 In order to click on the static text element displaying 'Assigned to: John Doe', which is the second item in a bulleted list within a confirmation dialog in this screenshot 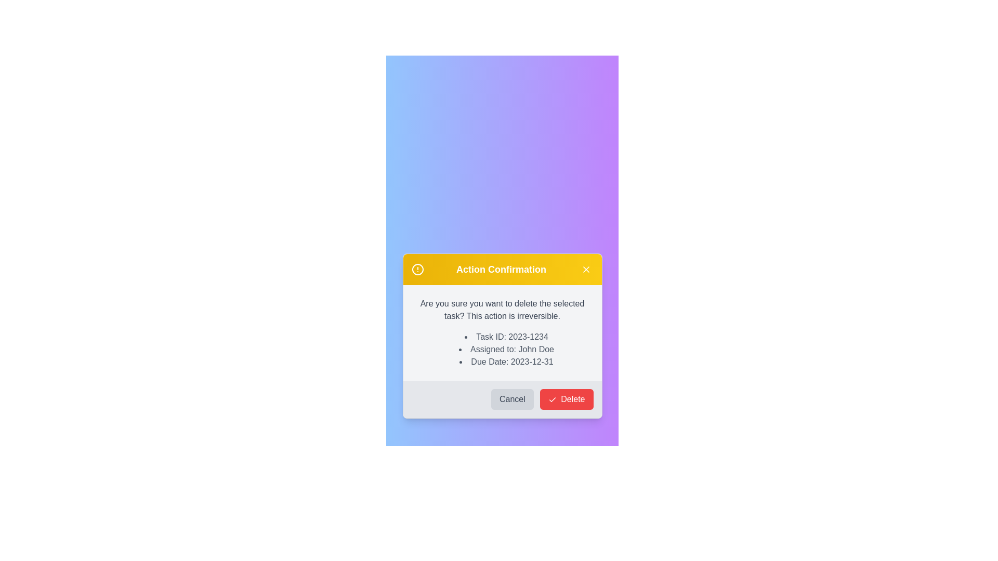, I will do `click(506, 349)`.